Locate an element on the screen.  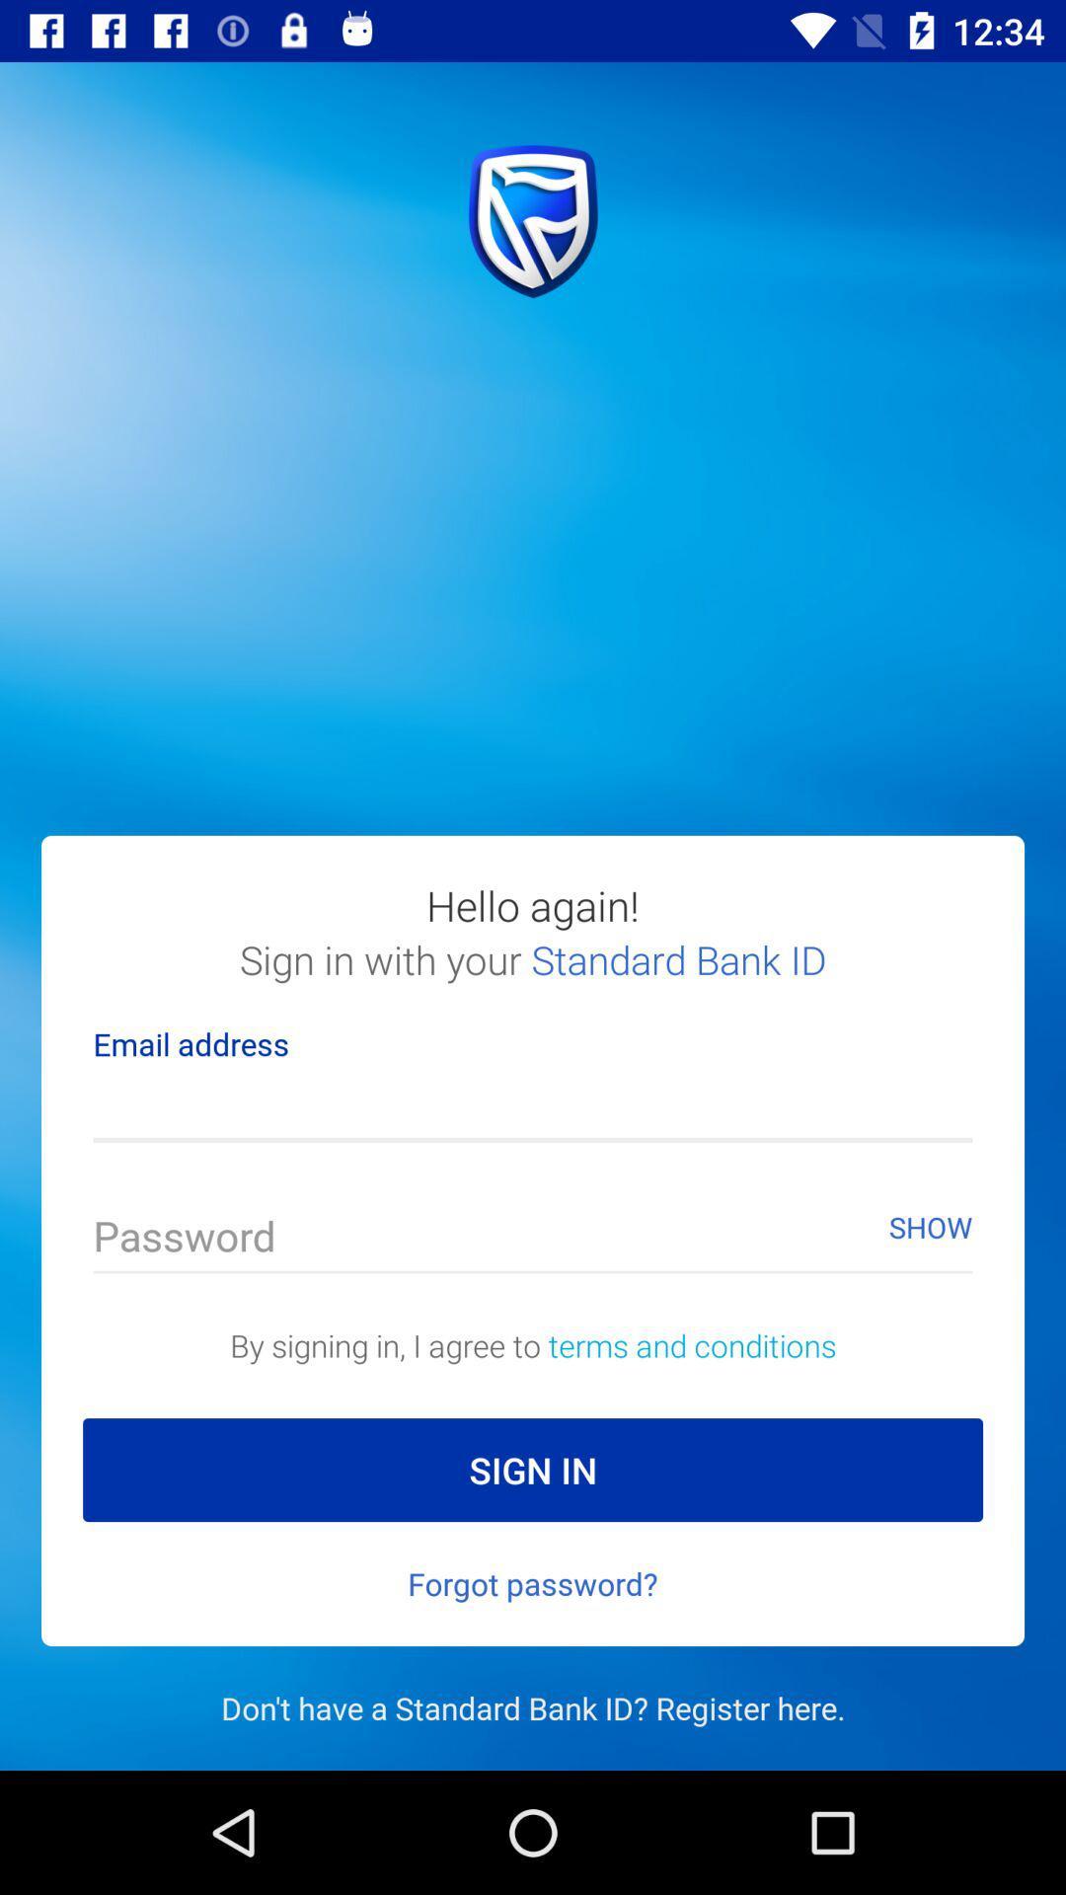
insert email address is located at coordinates (533, 1107).